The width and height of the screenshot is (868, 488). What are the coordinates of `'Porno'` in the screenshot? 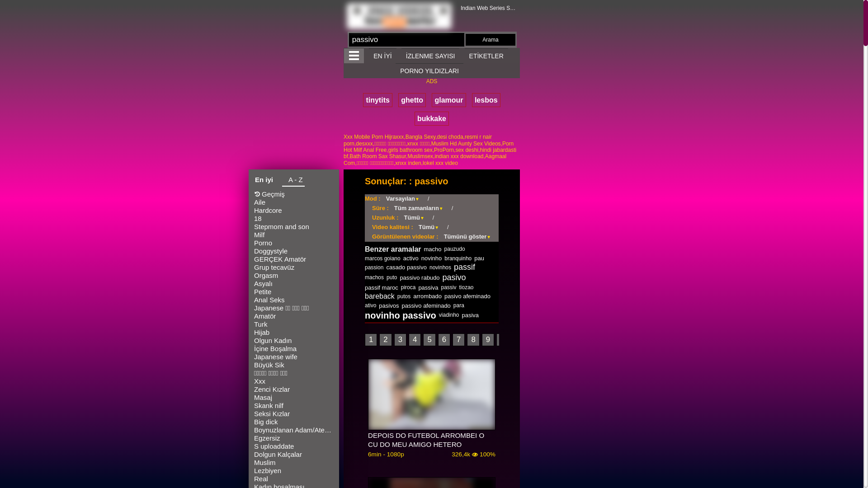 It's located at (253, 242).